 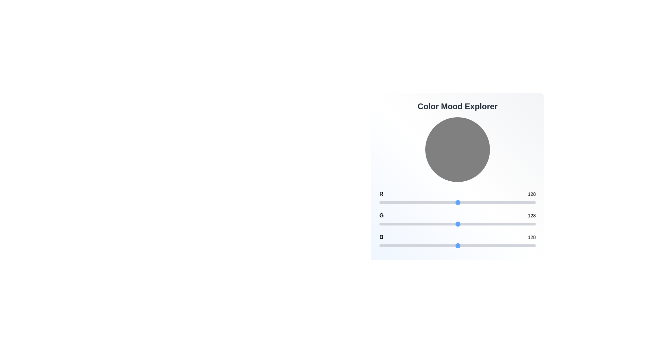 I want to click on the blue channel slider to set the value to 232, so click(x=521, y=246).